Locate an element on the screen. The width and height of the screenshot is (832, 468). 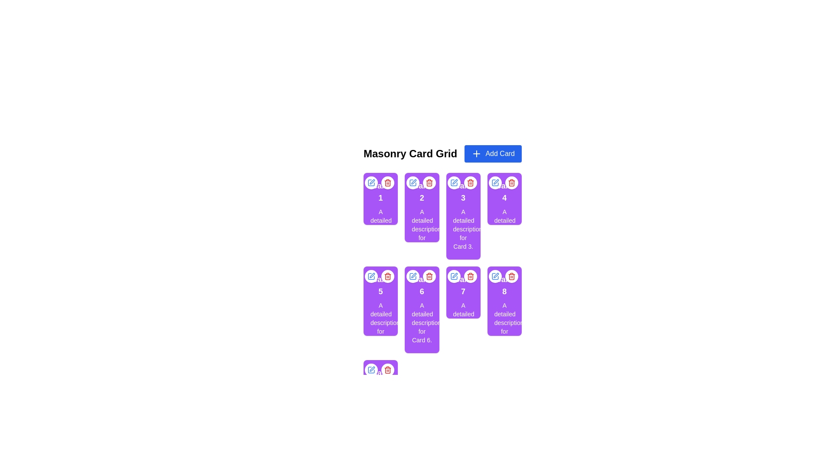
the red trash can icon button located at the top-right corner of the third card in the grid is located at coordinates (470, 182).